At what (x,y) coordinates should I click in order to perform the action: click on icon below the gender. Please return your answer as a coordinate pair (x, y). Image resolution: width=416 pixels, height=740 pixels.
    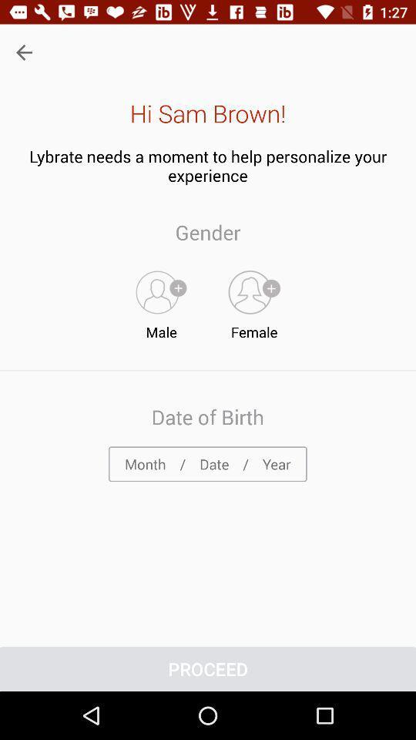
    Looking at the image, I should click on (160, 301).